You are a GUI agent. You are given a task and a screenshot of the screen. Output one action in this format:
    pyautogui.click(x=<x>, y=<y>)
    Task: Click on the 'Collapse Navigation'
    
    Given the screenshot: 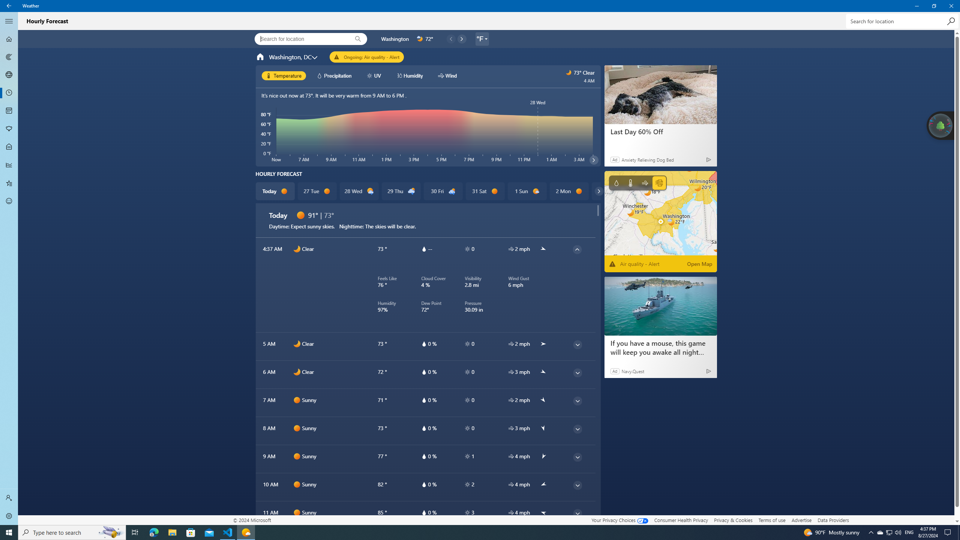 What is the action you would take?
    pyautogui.click(x=9, y=21)
    